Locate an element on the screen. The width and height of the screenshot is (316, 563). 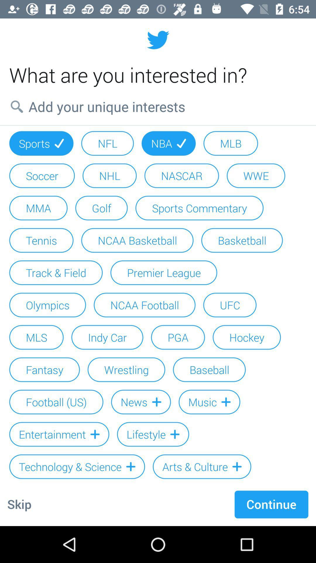
the item below nba item is located at coordinates (181, 175).